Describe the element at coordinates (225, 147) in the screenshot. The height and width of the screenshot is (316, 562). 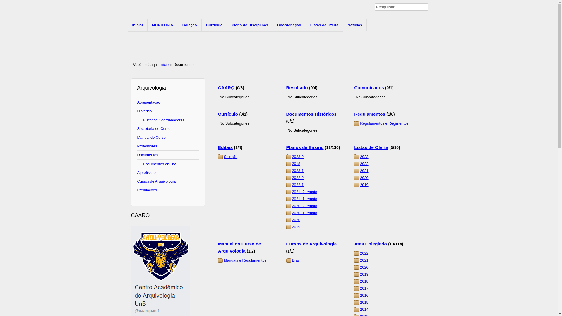
I see `'Editais'` at that location.